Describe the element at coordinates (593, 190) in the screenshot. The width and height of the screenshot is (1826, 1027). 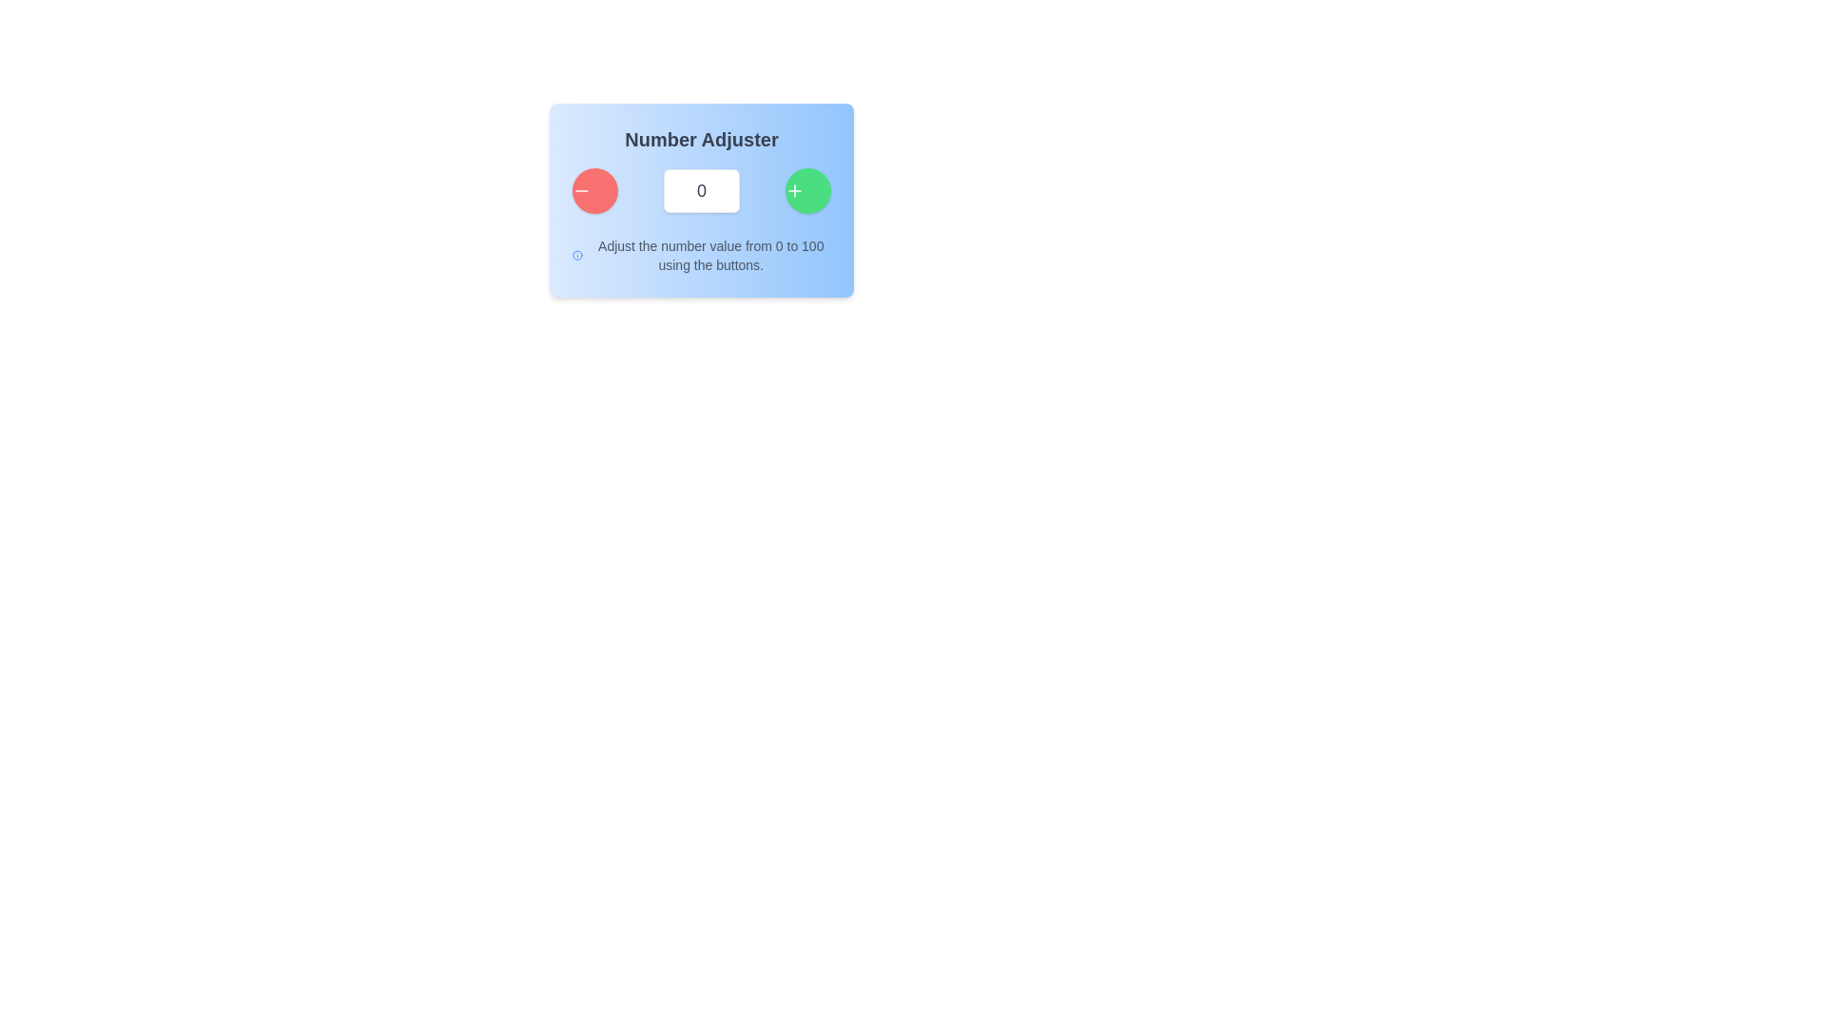
I see `the circular red button with a white dash, part of the 'Number Adjuster' group, to change its appearance to a darker red` at that location.